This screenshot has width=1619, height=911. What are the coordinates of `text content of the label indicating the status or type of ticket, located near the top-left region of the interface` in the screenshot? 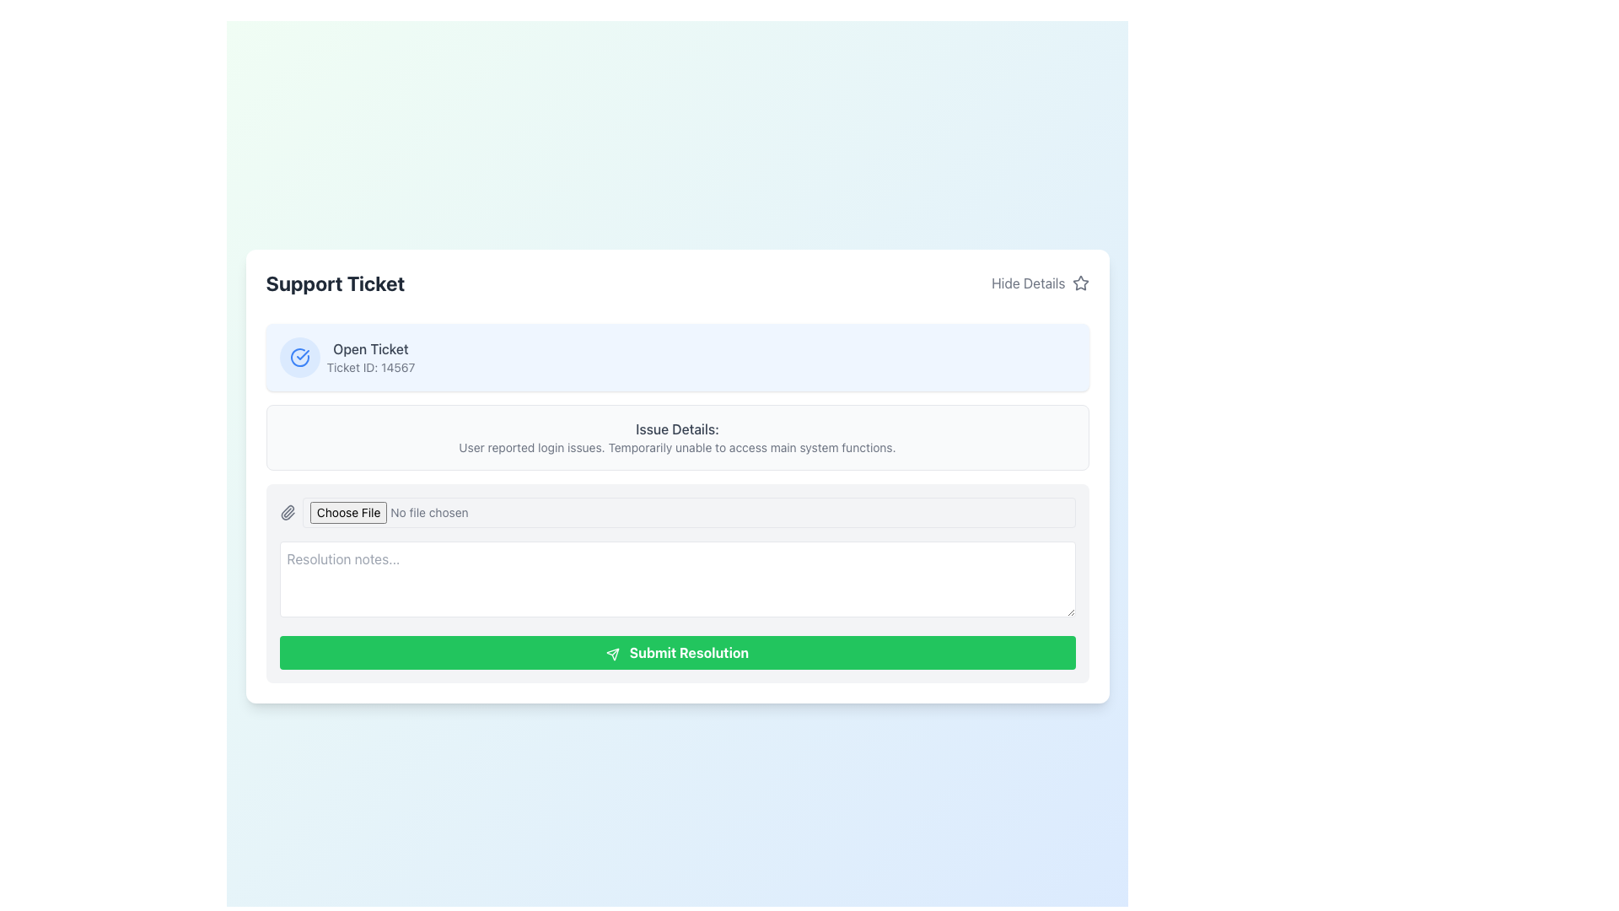 It's located at (370, 348).